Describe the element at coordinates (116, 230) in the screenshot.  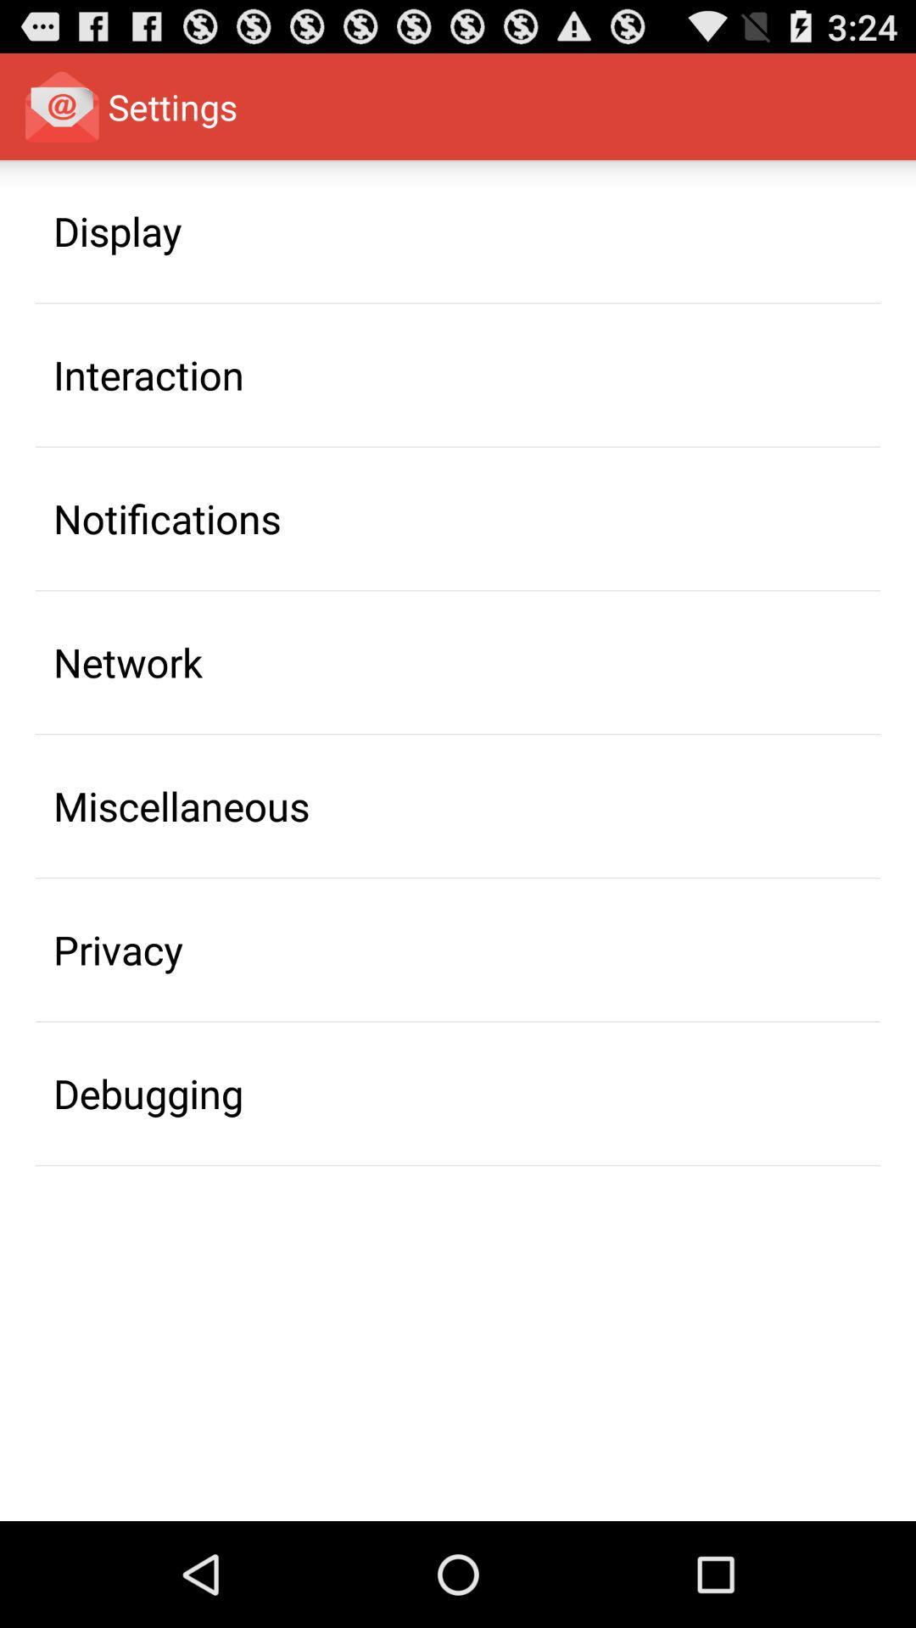
I see `display app` at that location.